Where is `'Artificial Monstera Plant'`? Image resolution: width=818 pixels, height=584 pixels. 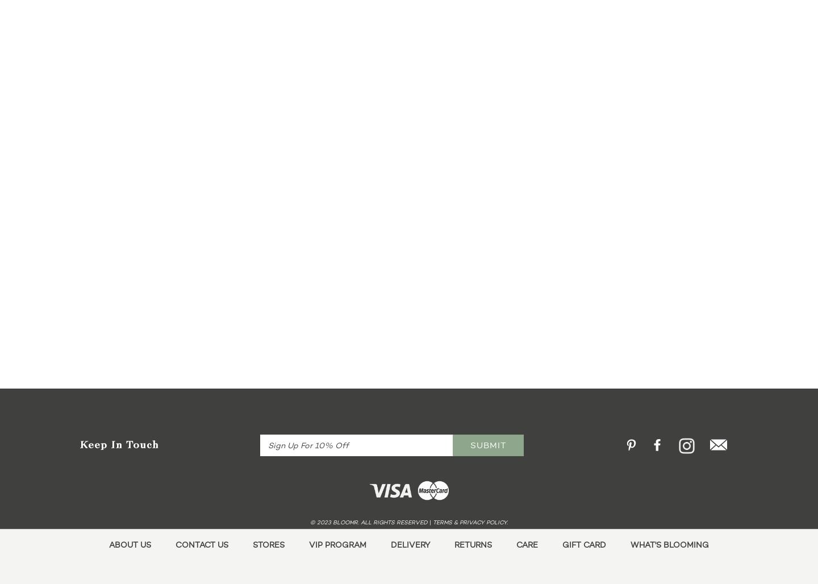
'Artificial Monstera Plant' is located at coordinates (204, 153).